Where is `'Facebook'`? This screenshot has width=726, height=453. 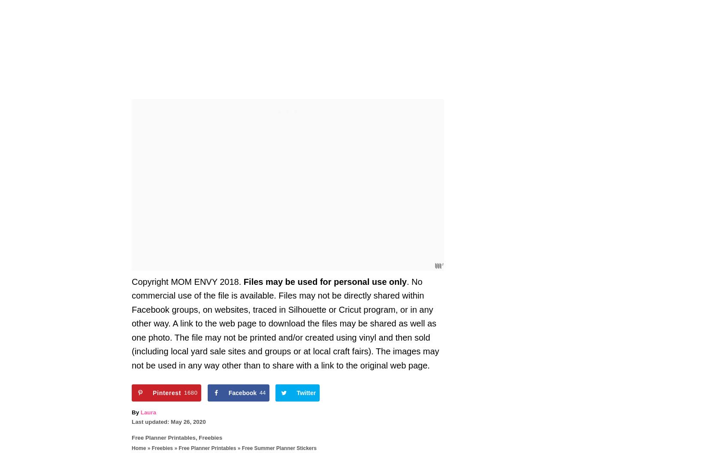
'Facebook' is located at coordinates (242, 392).